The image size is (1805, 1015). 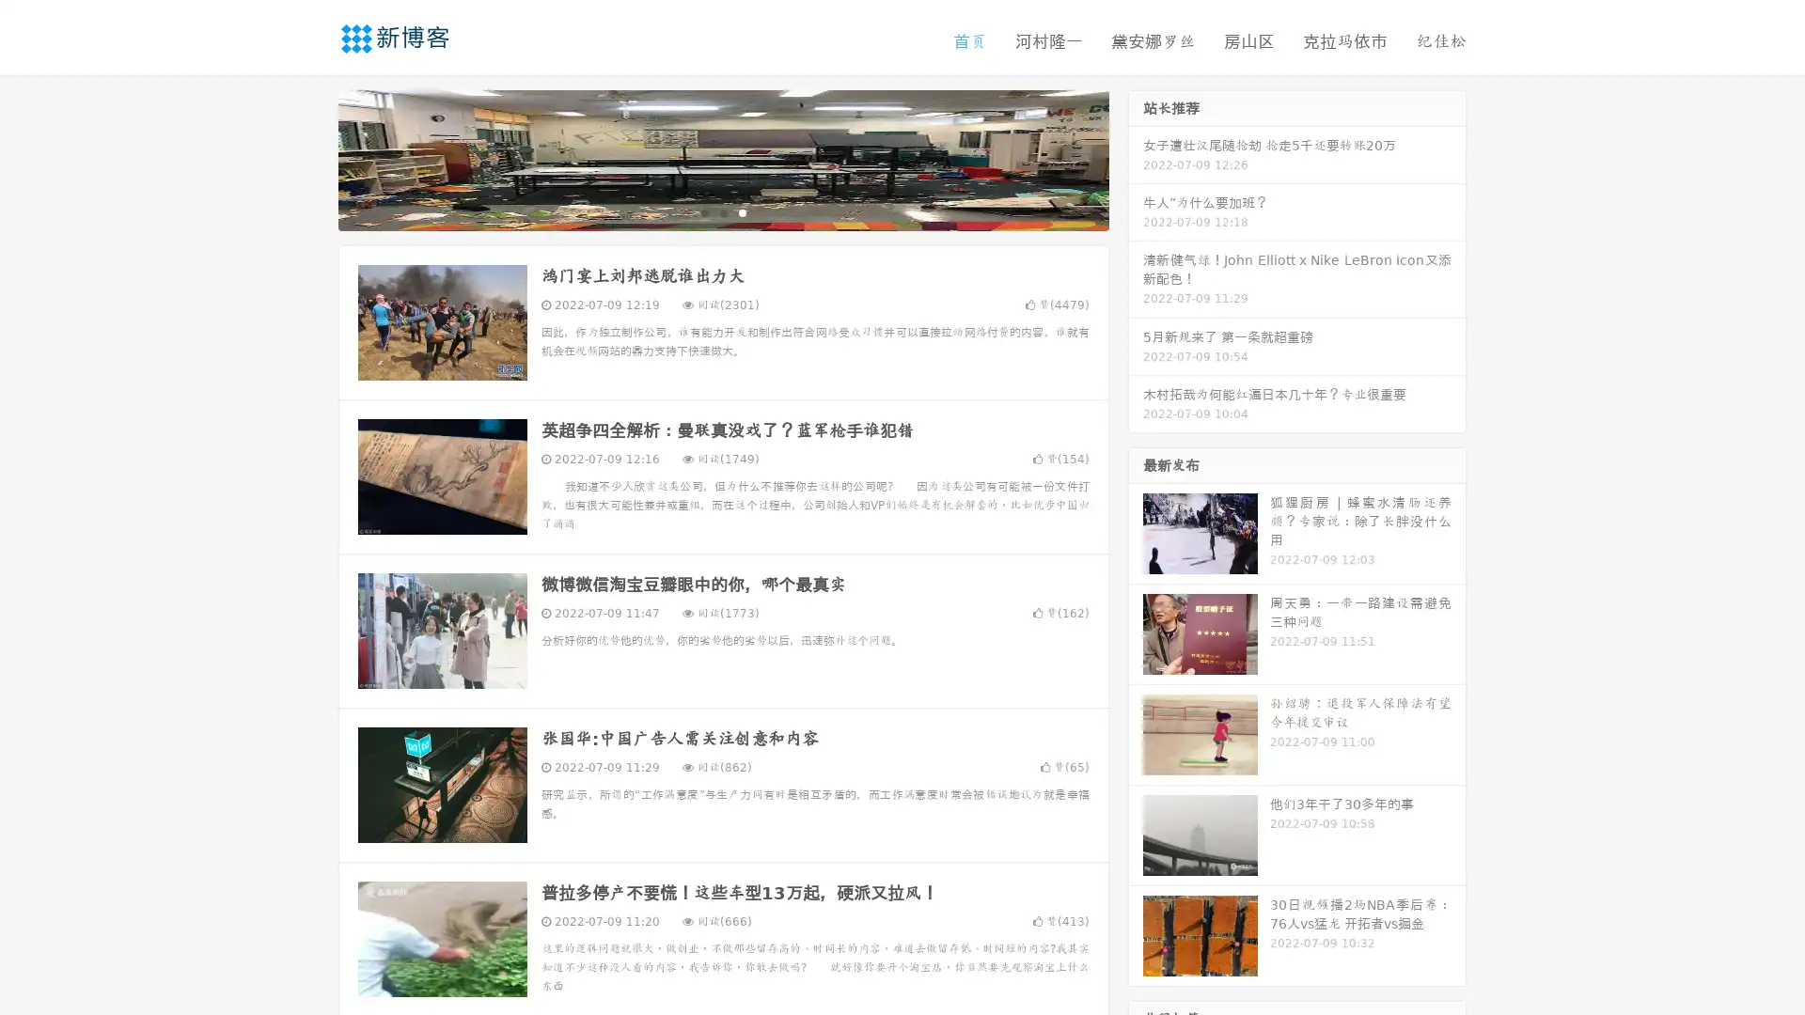 I want to click on Next slide, so click(x=1136, y=158).